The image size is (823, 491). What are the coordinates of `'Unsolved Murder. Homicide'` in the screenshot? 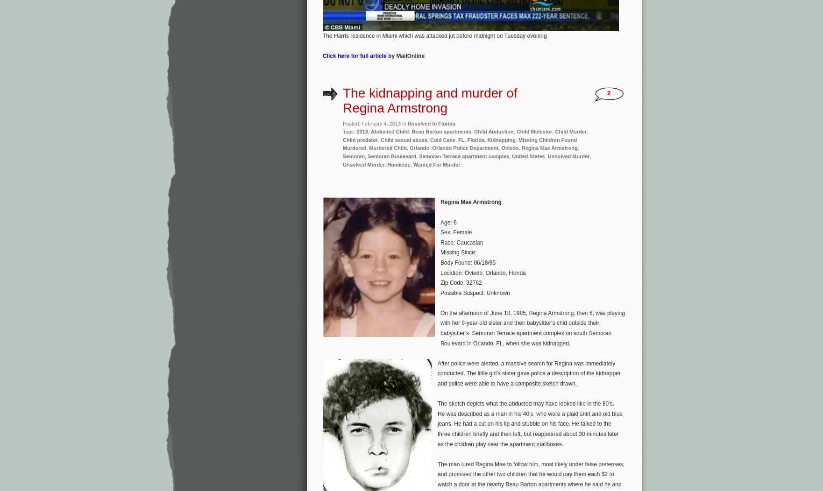 It's located at (376, 164).